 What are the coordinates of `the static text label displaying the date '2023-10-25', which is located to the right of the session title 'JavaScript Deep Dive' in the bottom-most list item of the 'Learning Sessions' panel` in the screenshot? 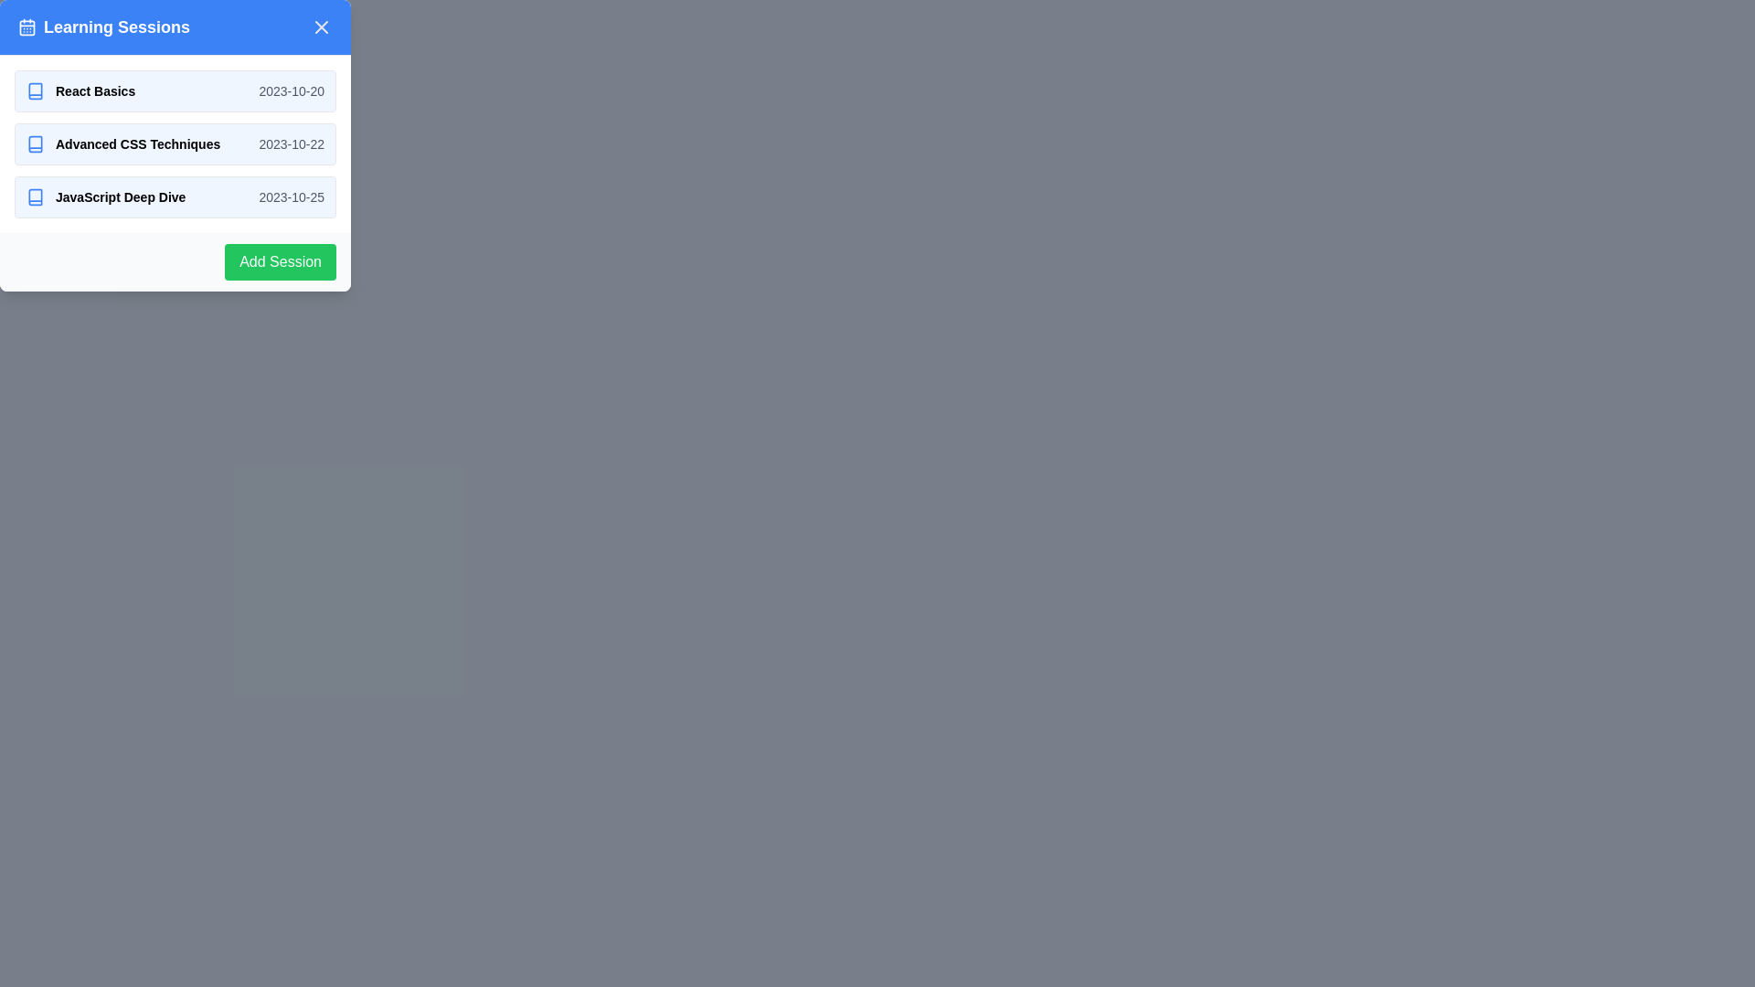 It's located at (291, 197).